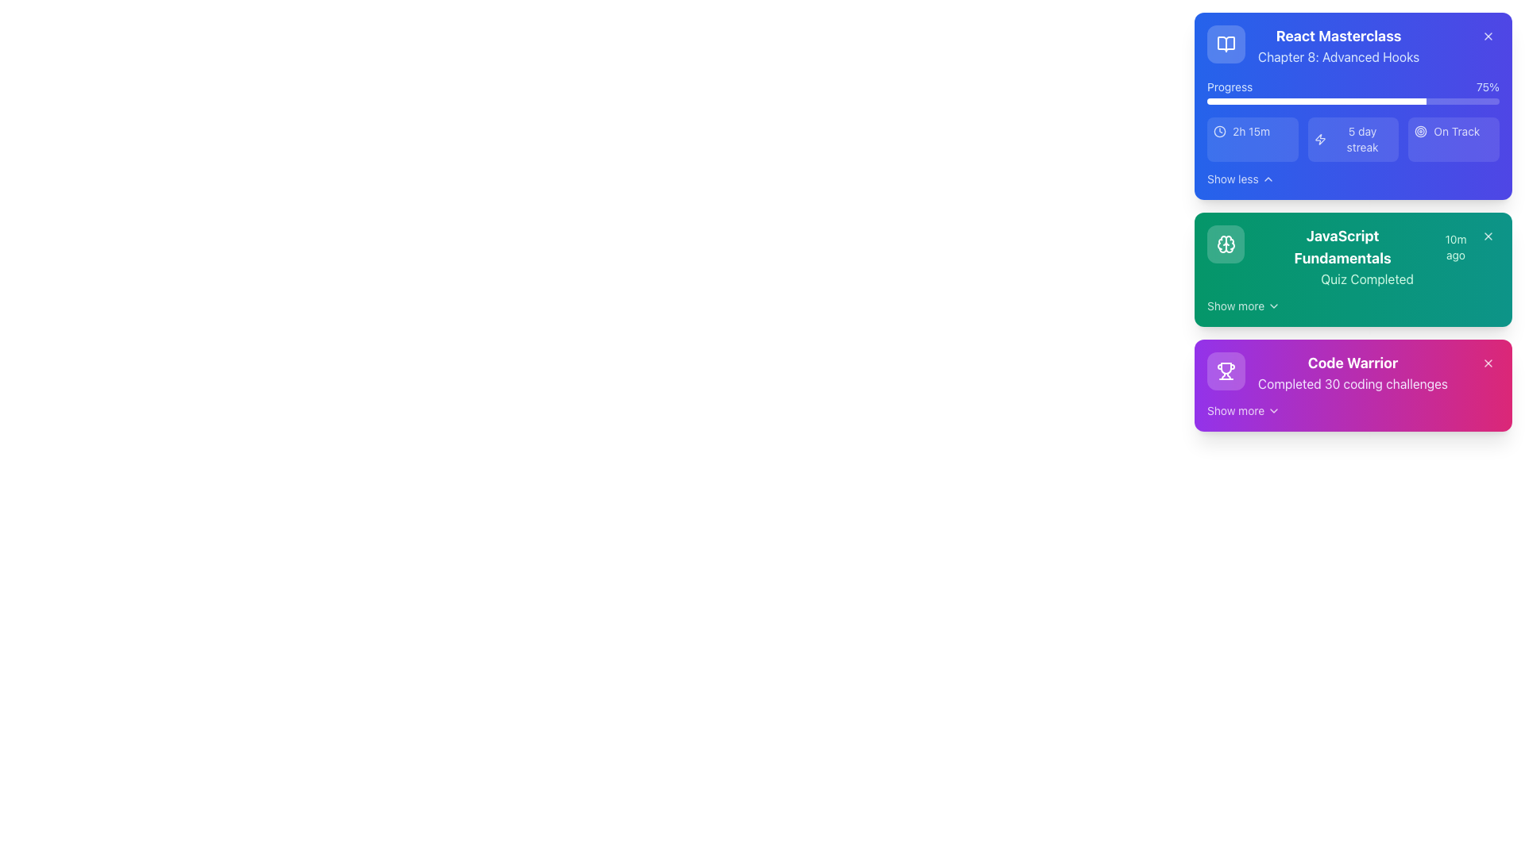 The width and height of the screenshot is (1525, 857). Describe the element at coordinates (1454, 130) in the screenshot. I see `the Status indicator labeled 'On Track' with a target icon located within the 'React Masterclass' card at the top right corner of the interface` at that location.